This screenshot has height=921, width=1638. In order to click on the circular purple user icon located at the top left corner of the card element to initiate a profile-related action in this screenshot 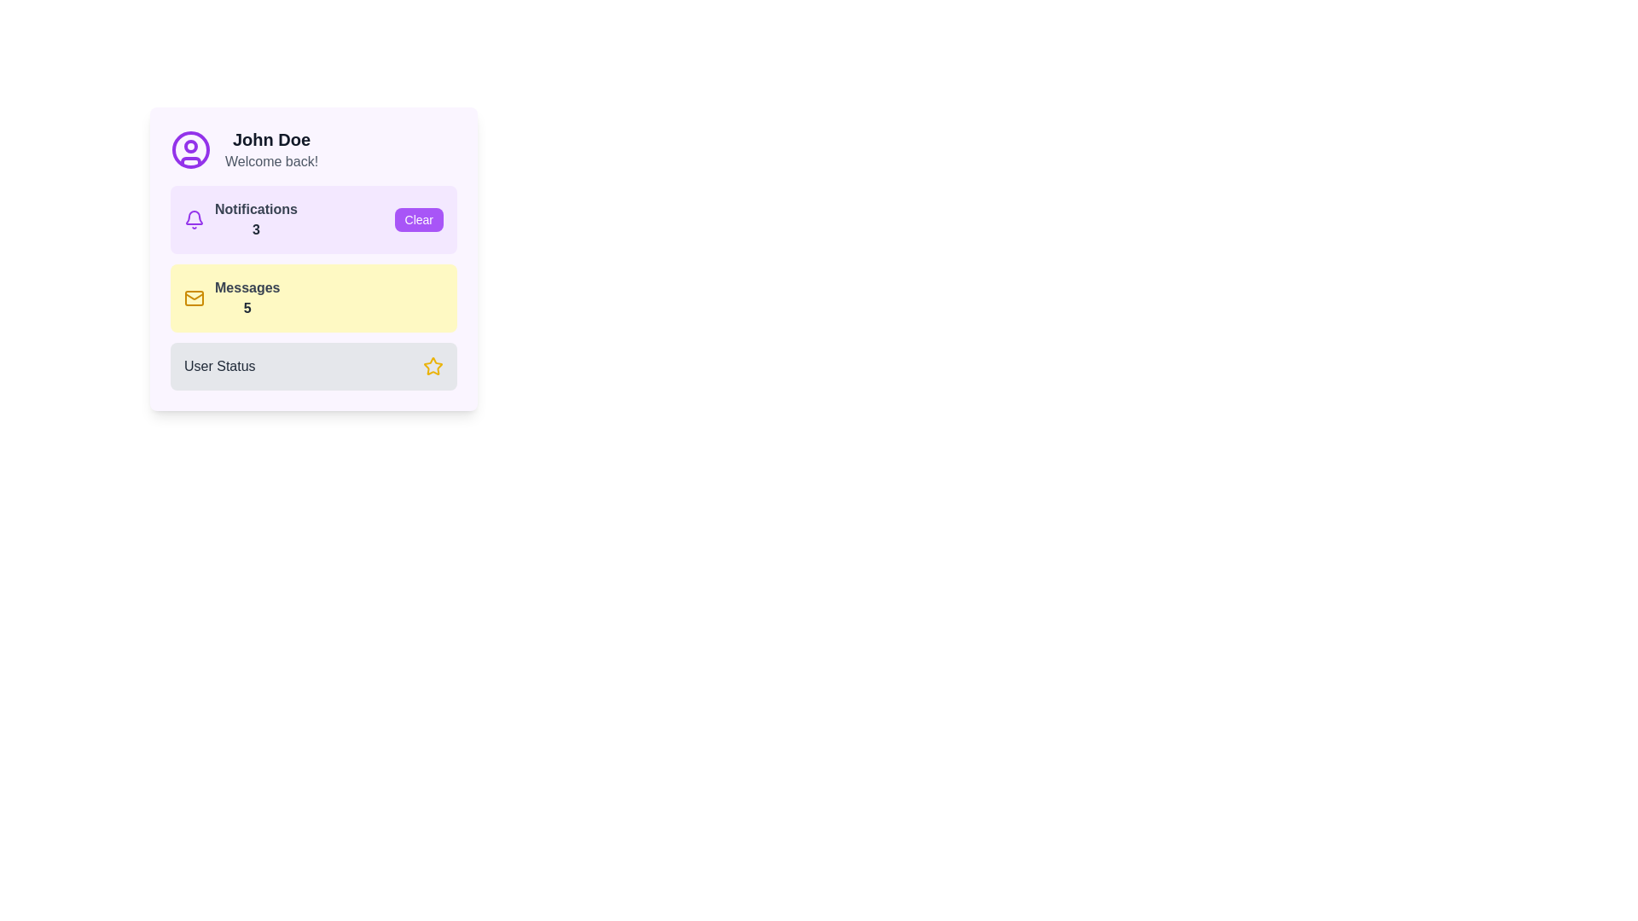, I will do `click(191, 149)`.